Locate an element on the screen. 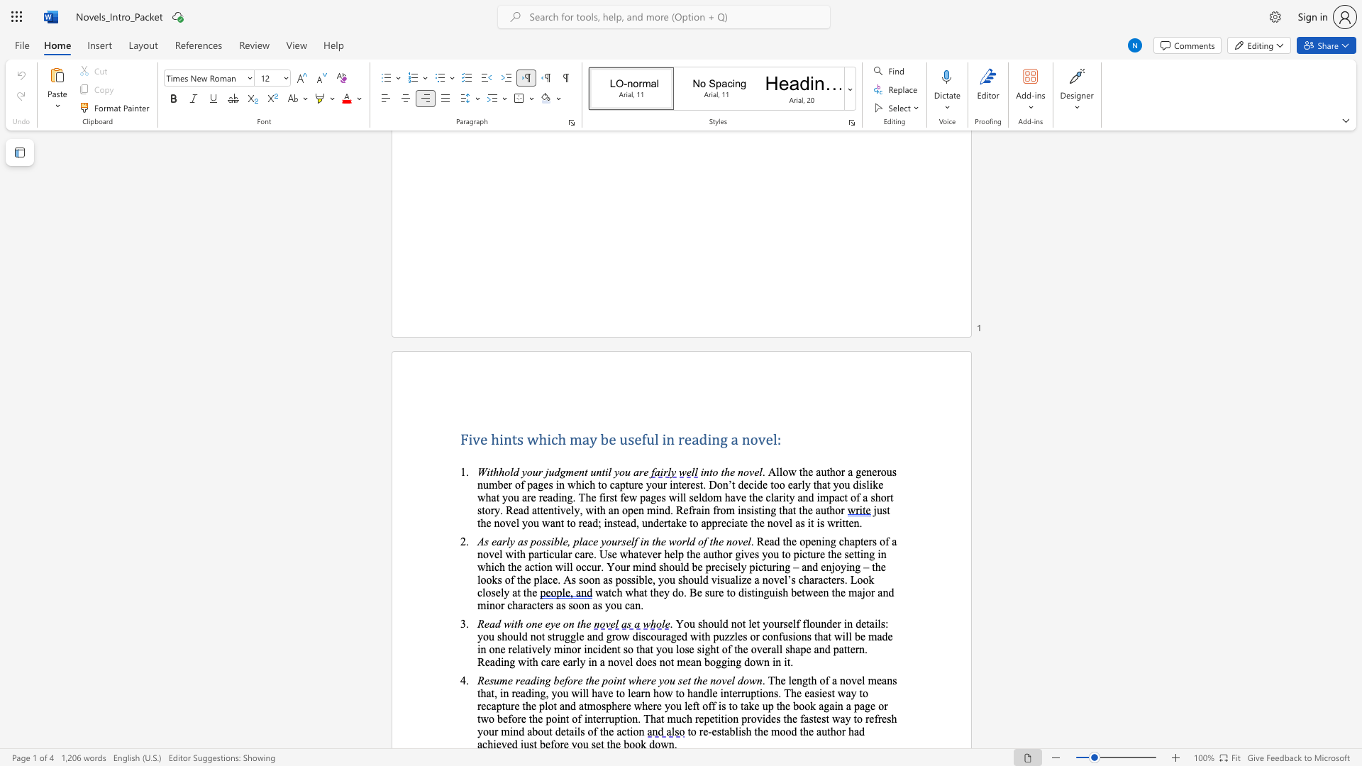 The height and width of the screenshot is (766, 1362). the subset text "at" within the text "relatively minor" is located at coordinates (519, 649).